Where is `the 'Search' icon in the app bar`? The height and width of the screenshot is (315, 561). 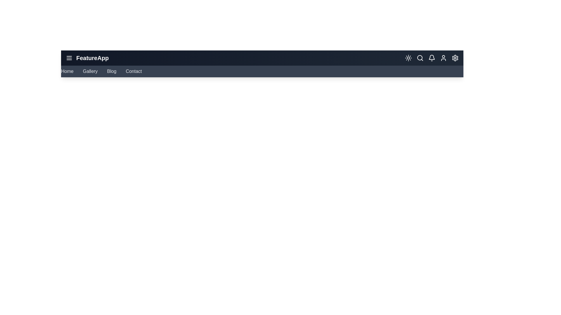
the 'Search' icon in the app bar is located at coordinates (420, 58).